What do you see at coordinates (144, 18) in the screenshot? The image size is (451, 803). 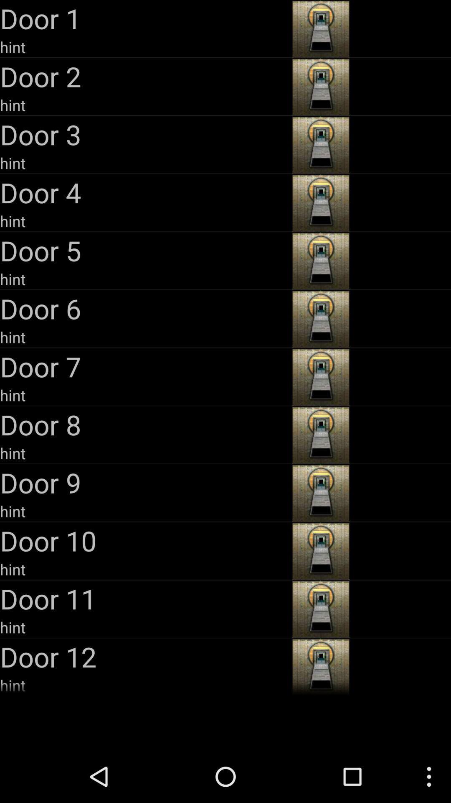 I see `door 1 app` at bounding box center [144, 18].